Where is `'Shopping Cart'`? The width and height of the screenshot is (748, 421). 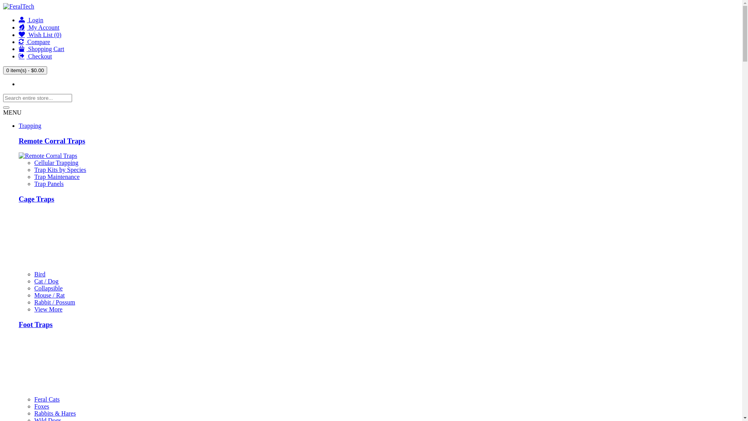 'Shopping Cart' is located at coordinates (41, 49).